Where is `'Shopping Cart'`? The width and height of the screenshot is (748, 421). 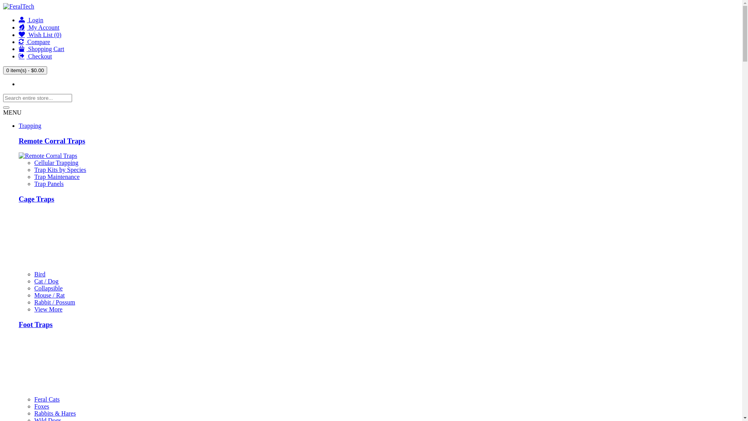 'Shopping Cart' is located at coordinates (41, 49).